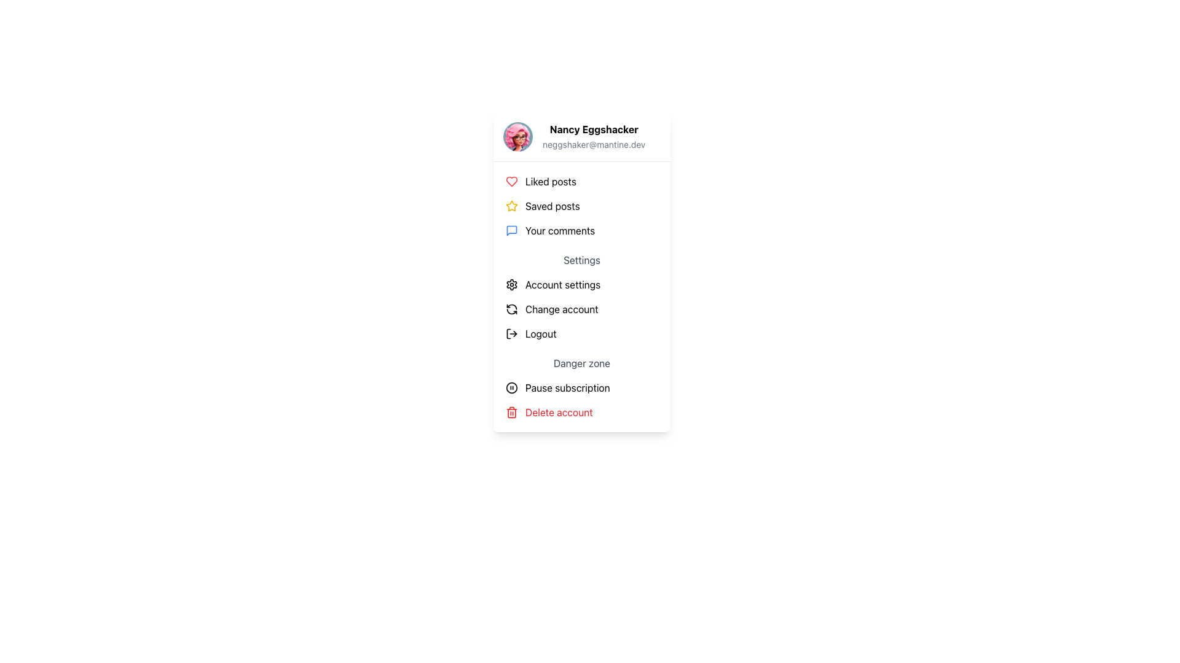  I want to click on the blue message or speech bubble icon that is the third in a vertically arranged menu, located to the left of the 'Your comments' text, so click(512, 230).